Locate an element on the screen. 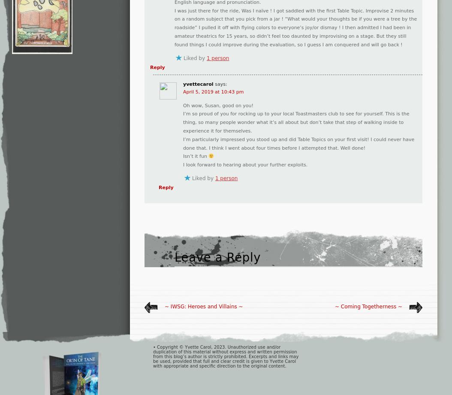 The height and width of the screenshot is (395, 452). 'Oh wow, Susan, good on you!' is located at coordinates (217, 105).